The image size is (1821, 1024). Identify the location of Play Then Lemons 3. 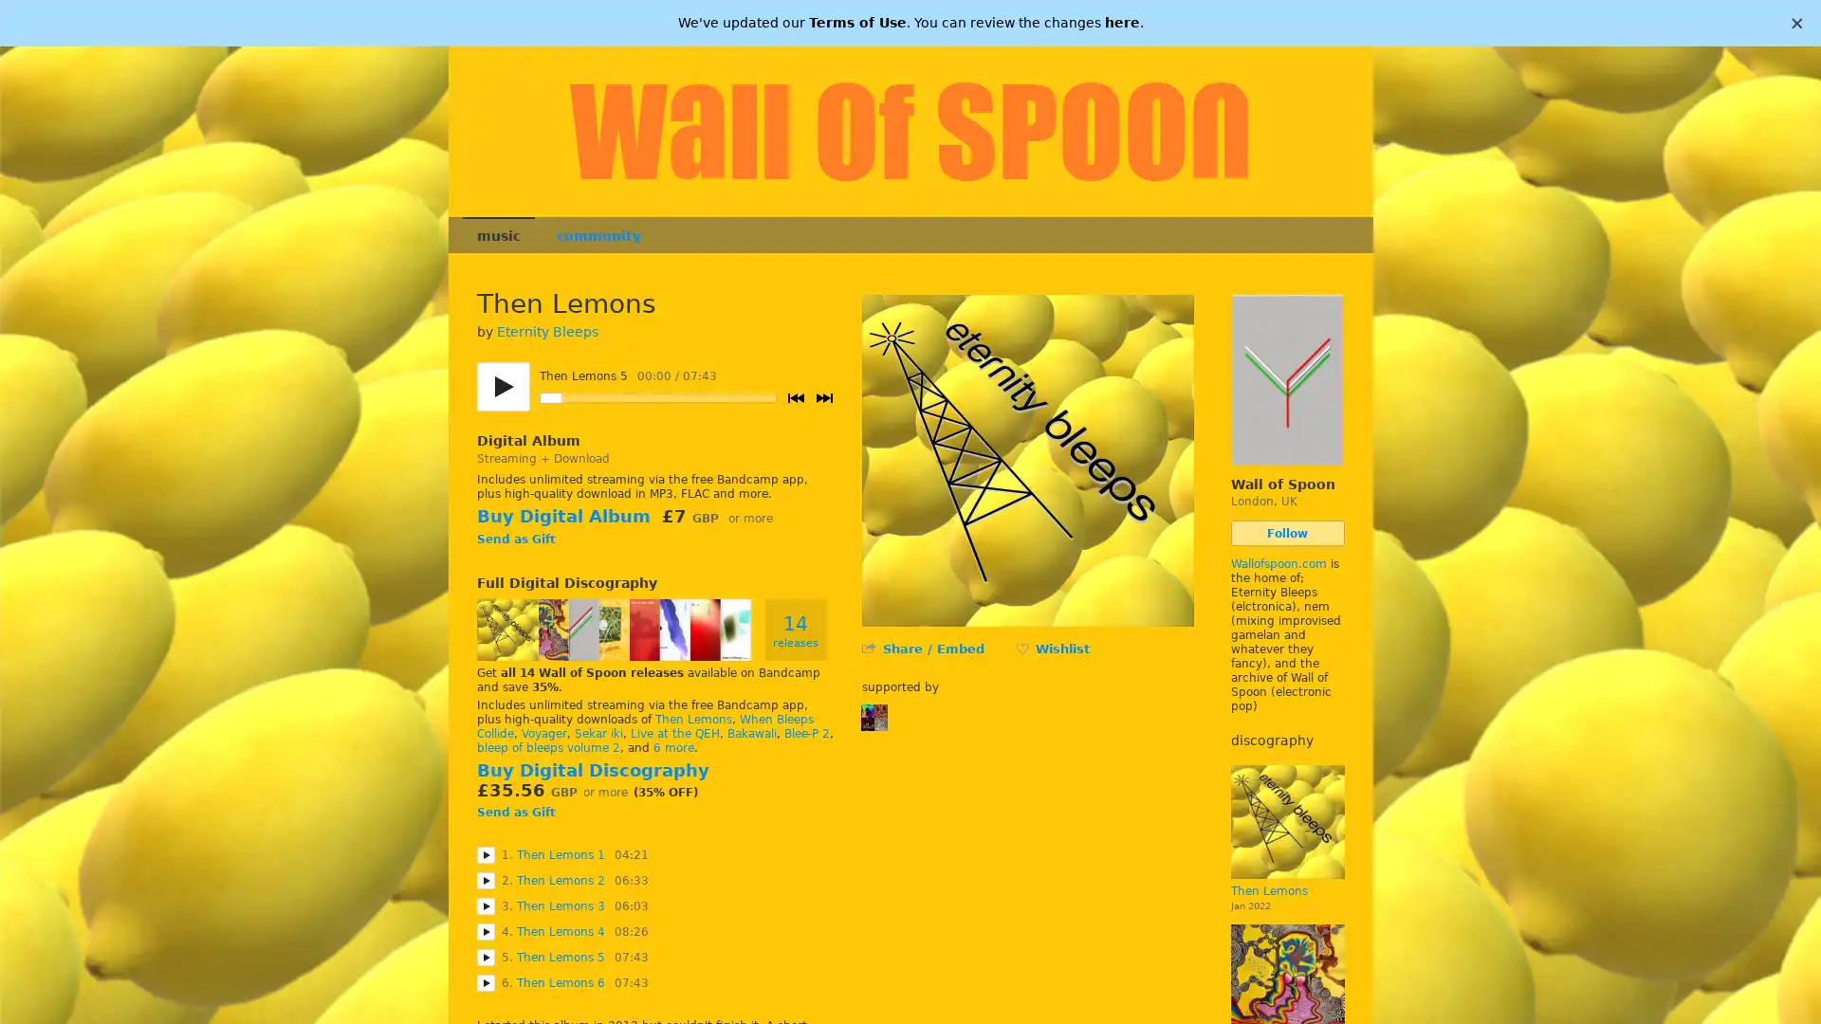
(485, 905).